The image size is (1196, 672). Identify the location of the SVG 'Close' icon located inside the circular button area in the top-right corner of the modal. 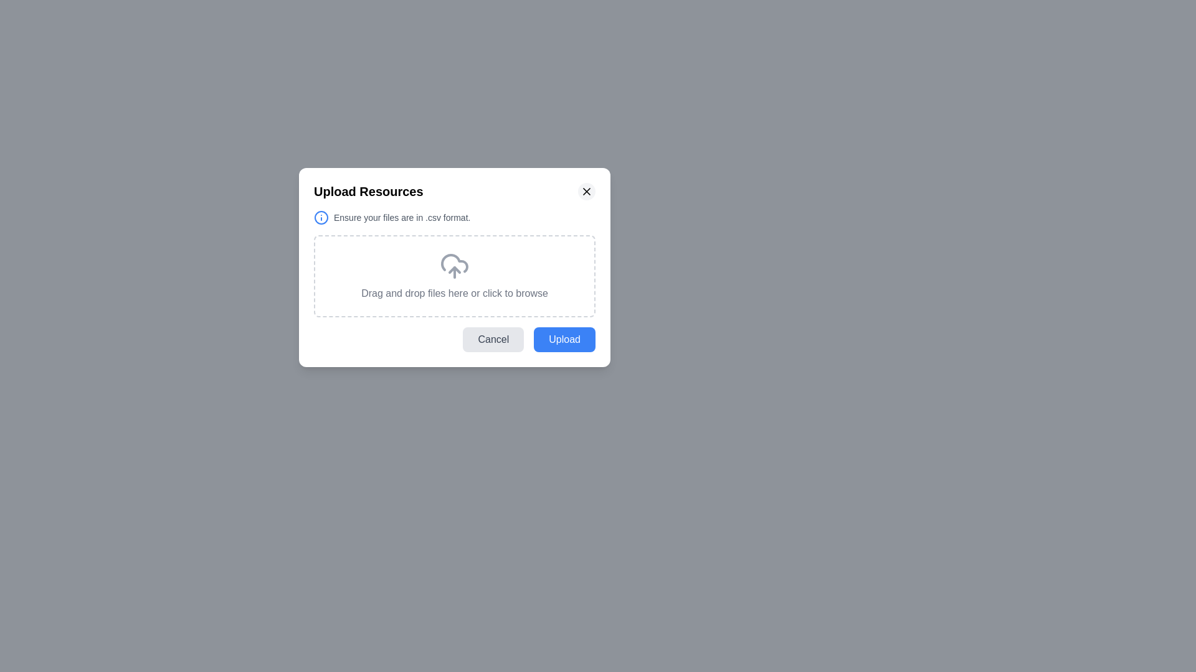
(586, 192).